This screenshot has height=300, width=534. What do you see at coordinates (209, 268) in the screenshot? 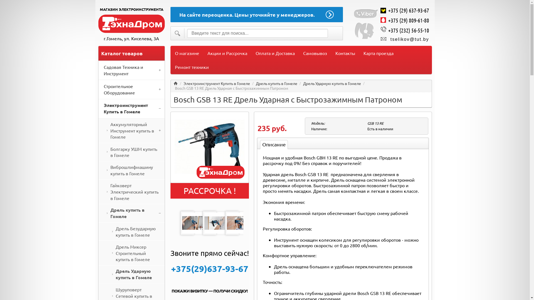
I see `'+375(29)637-93-67'` at bounding box center [209, 268].